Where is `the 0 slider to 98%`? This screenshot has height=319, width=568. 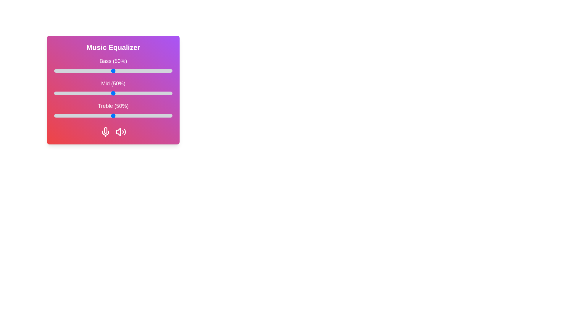
the 0 slider to 98% is located at coordinates (170, 70).